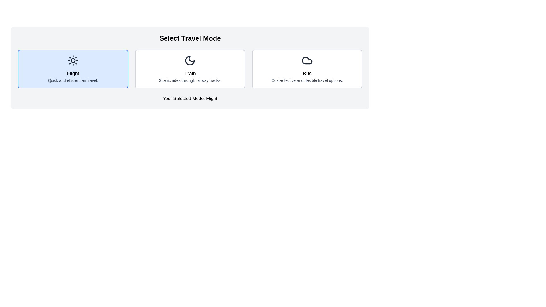 This screenshot has height=307, width=546. What do you see at coordinates (190, 60) in the screenshot?
I see `the 'Train' button icon located at the center of the button layout above the text label` at bounding box center [190, 60].